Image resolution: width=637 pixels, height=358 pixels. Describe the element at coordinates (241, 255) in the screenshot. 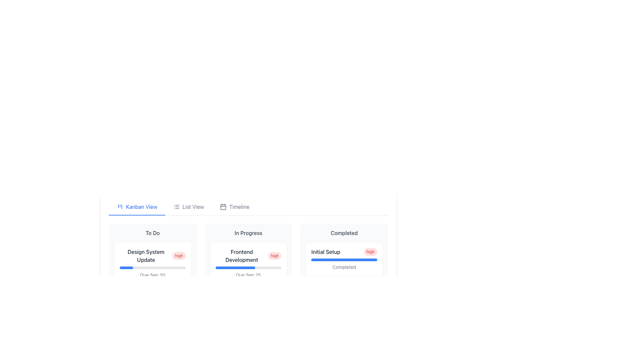

I see `the static text display that serves as the title for a task card in the 'In Progress' column of the Kanban board` at that location.